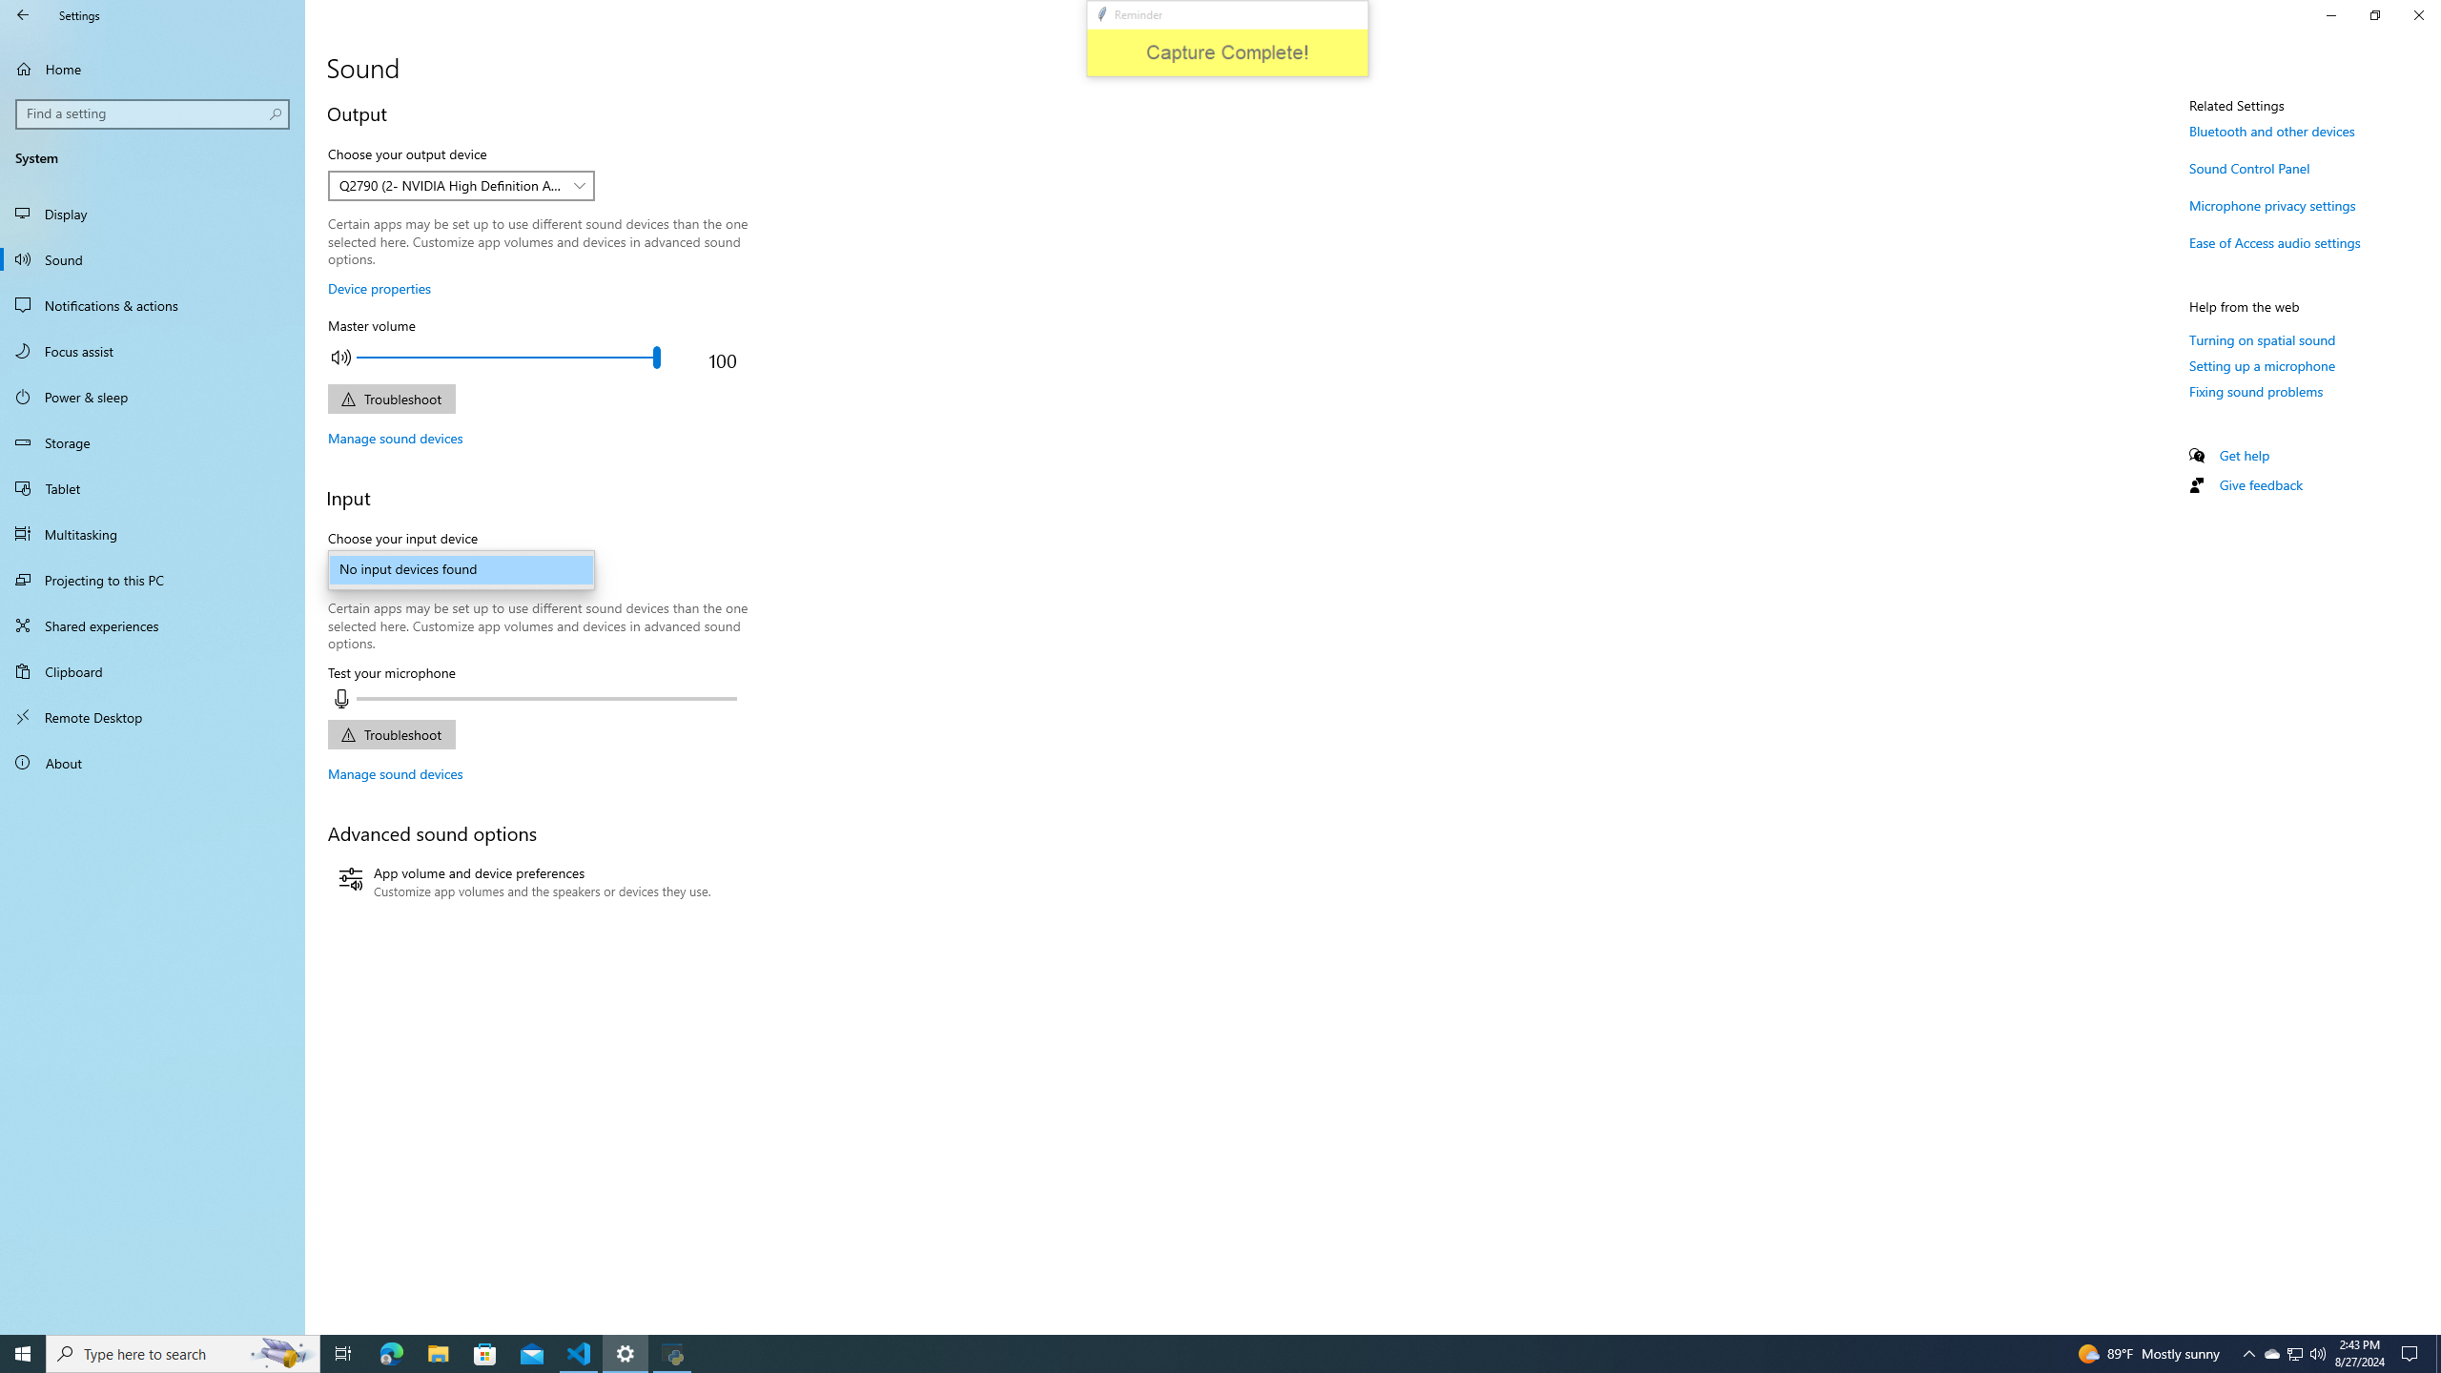 Image resolution: width=2441 pixels, height=1373 pixels. Describe the element at coordinates (2271, 204) in the screenshot. I see `'Microphone privacy settings'` at that location.